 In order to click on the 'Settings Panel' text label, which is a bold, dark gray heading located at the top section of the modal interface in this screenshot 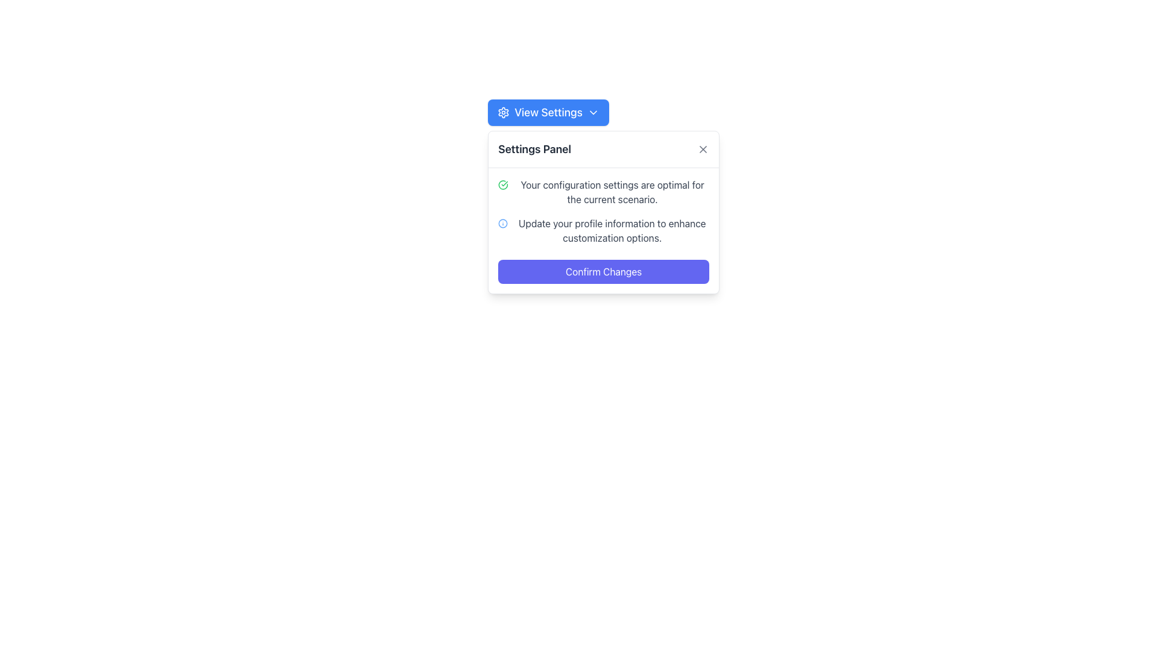, I will do `click(534, 148)`.